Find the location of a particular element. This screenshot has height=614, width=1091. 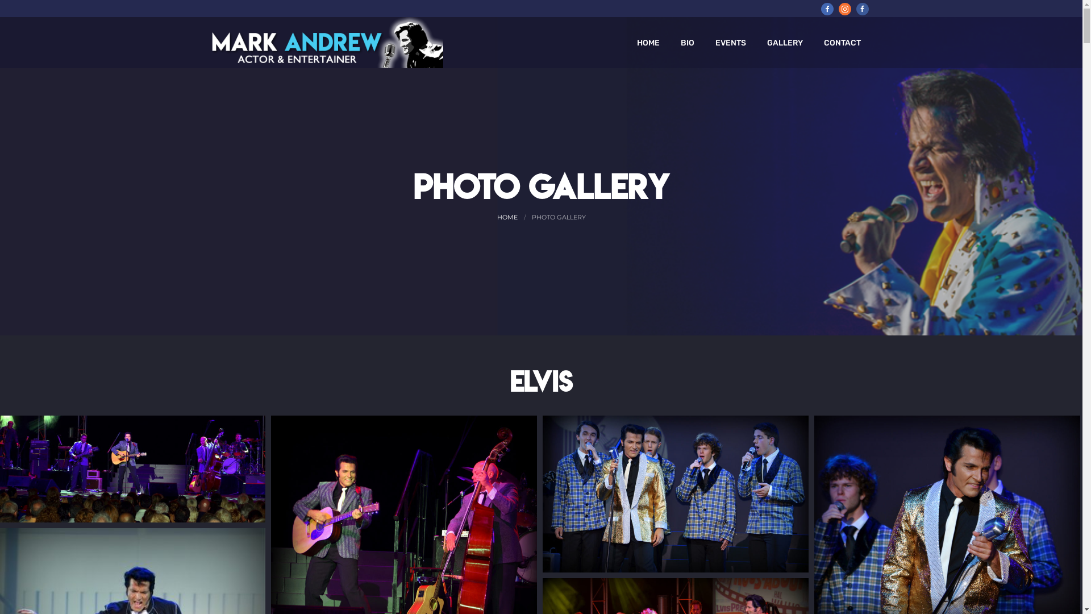

'HOME' is located at coordinates (506, 217).